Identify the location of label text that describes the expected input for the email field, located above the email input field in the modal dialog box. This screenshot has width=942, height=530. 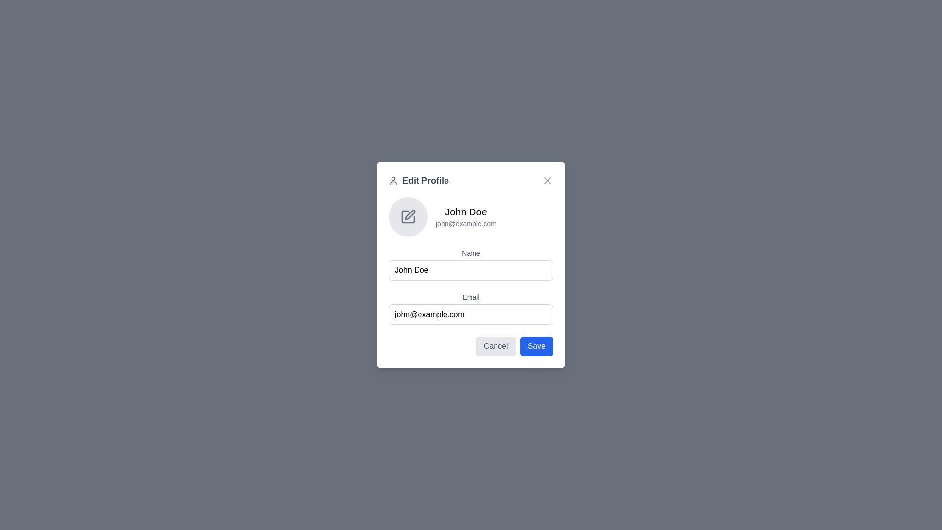
(471, 296).